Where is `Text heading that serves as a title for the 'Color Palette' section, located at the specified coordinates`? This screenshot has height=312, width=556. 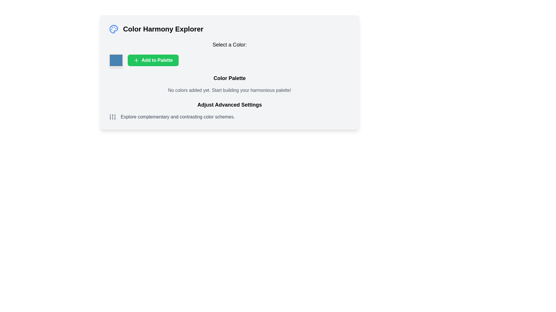 Text heading that serves as a title for the 'Color Palette' section, located at the specified coordinates is located at coordinates (229, 78).